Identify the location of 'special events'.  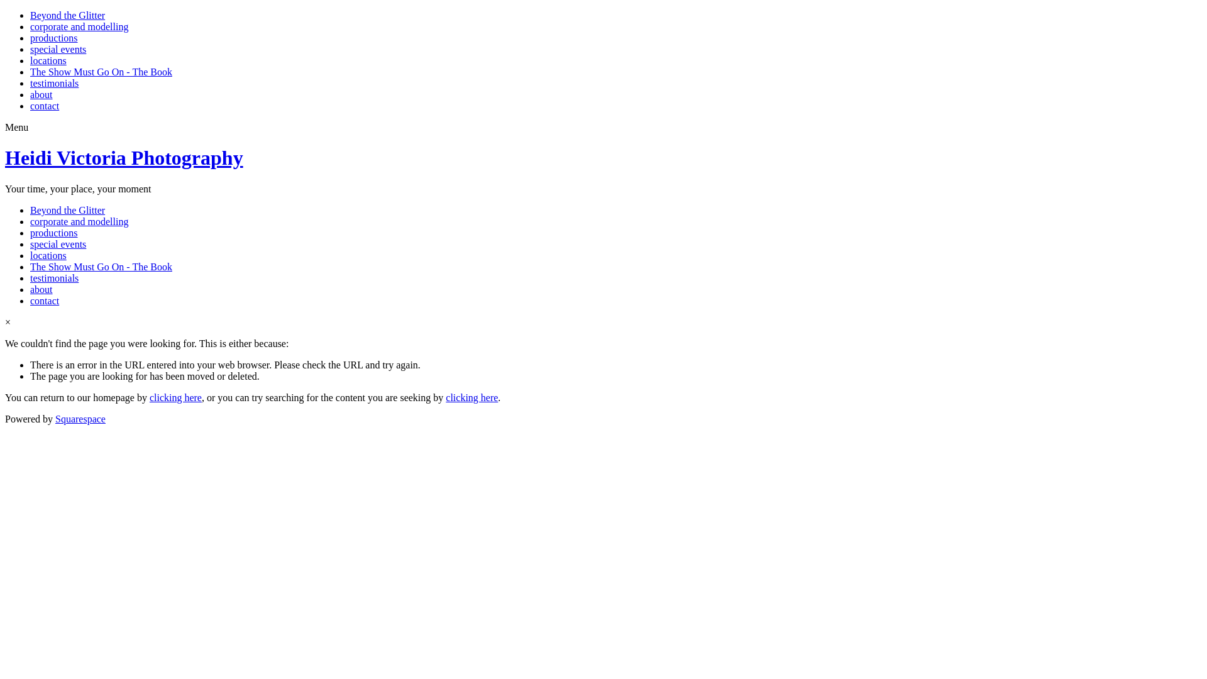
(57, 244).